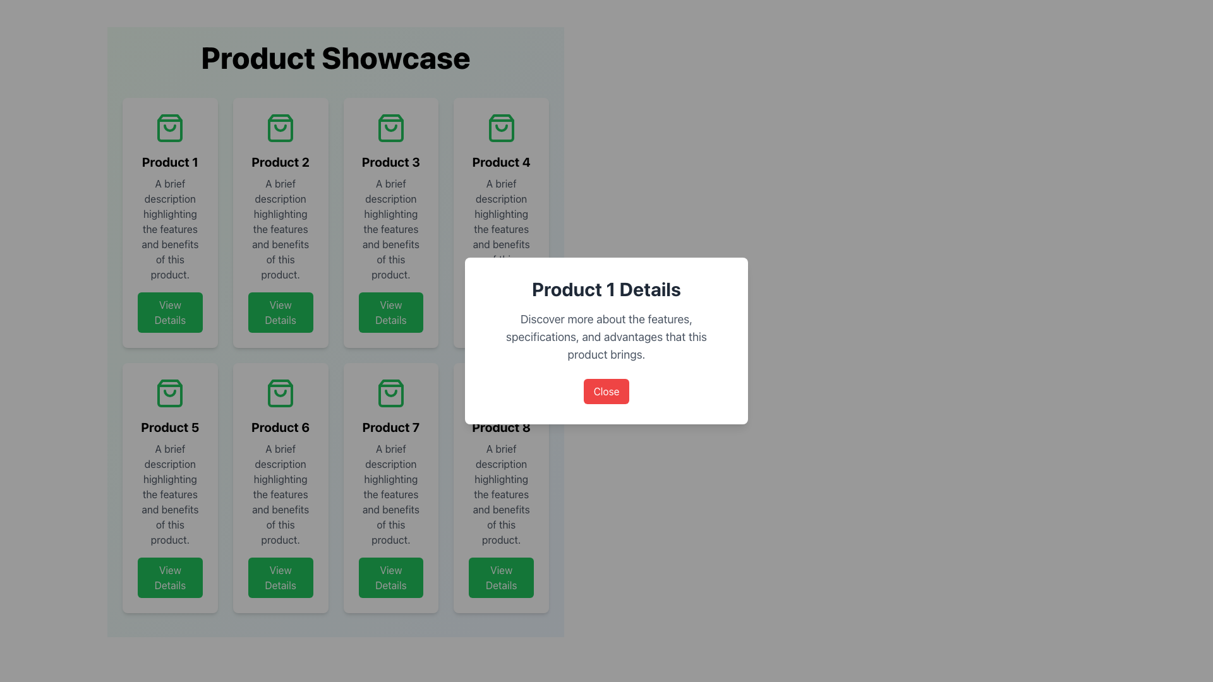 The width and height of the screenshot is (1213, 682). What do you see at coordinates (280, 128) in the screenshot?
I see `the green shopping bag icon representing the main body of the bag in the product grid for 'Product 2', located in the top row, second column from the left` at bounding box center [280, 128].